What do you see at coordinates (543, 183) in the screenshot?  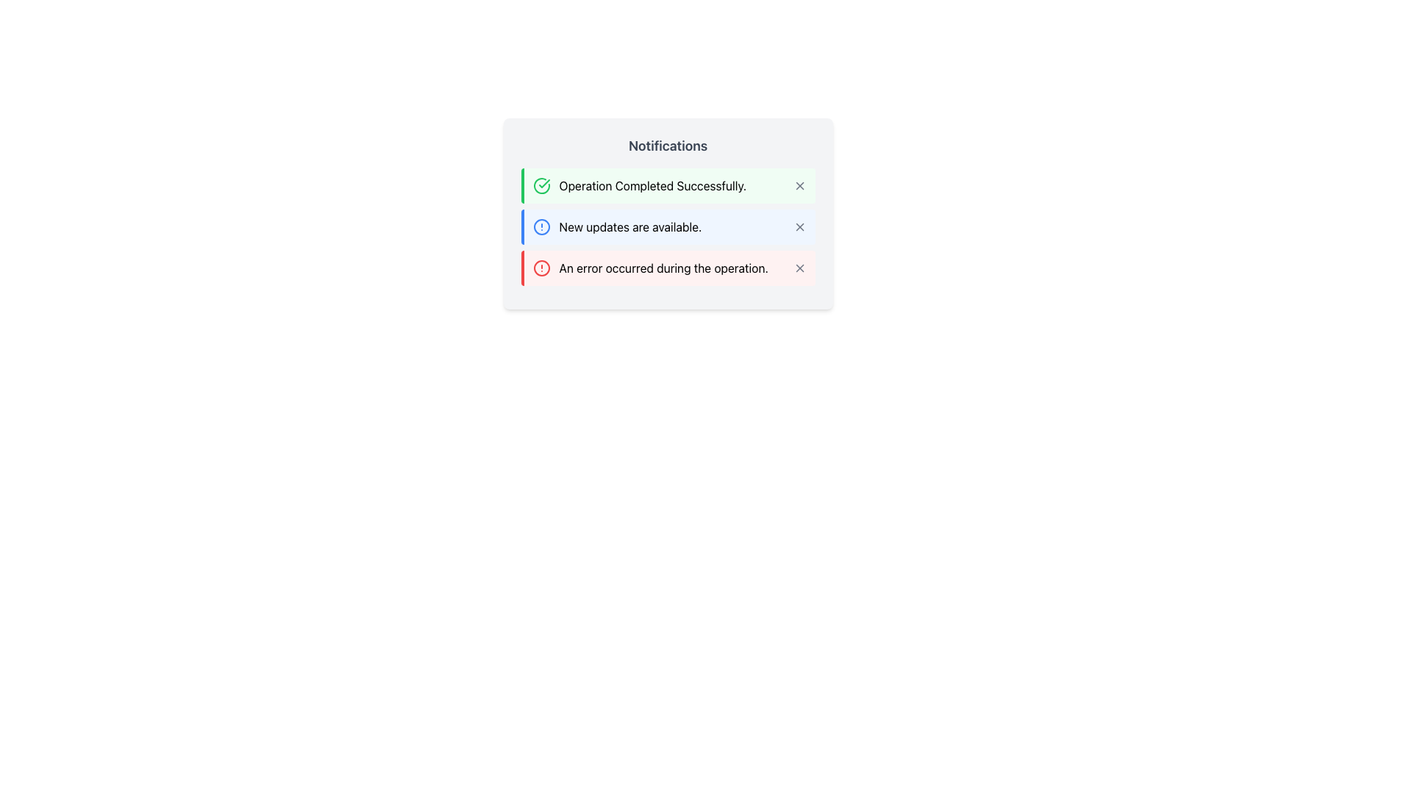 I see `the checkmark icon that signifies the successful completion of an operation, which is part of the green-themed notification labeled 'Operation Completed Successfully.'` at bounding box center [543, 183].